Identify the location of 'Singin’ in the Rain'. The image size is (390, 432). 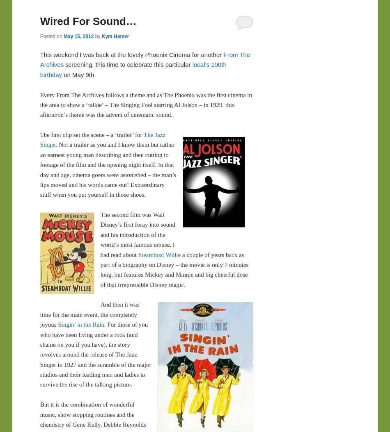
(81, 324).